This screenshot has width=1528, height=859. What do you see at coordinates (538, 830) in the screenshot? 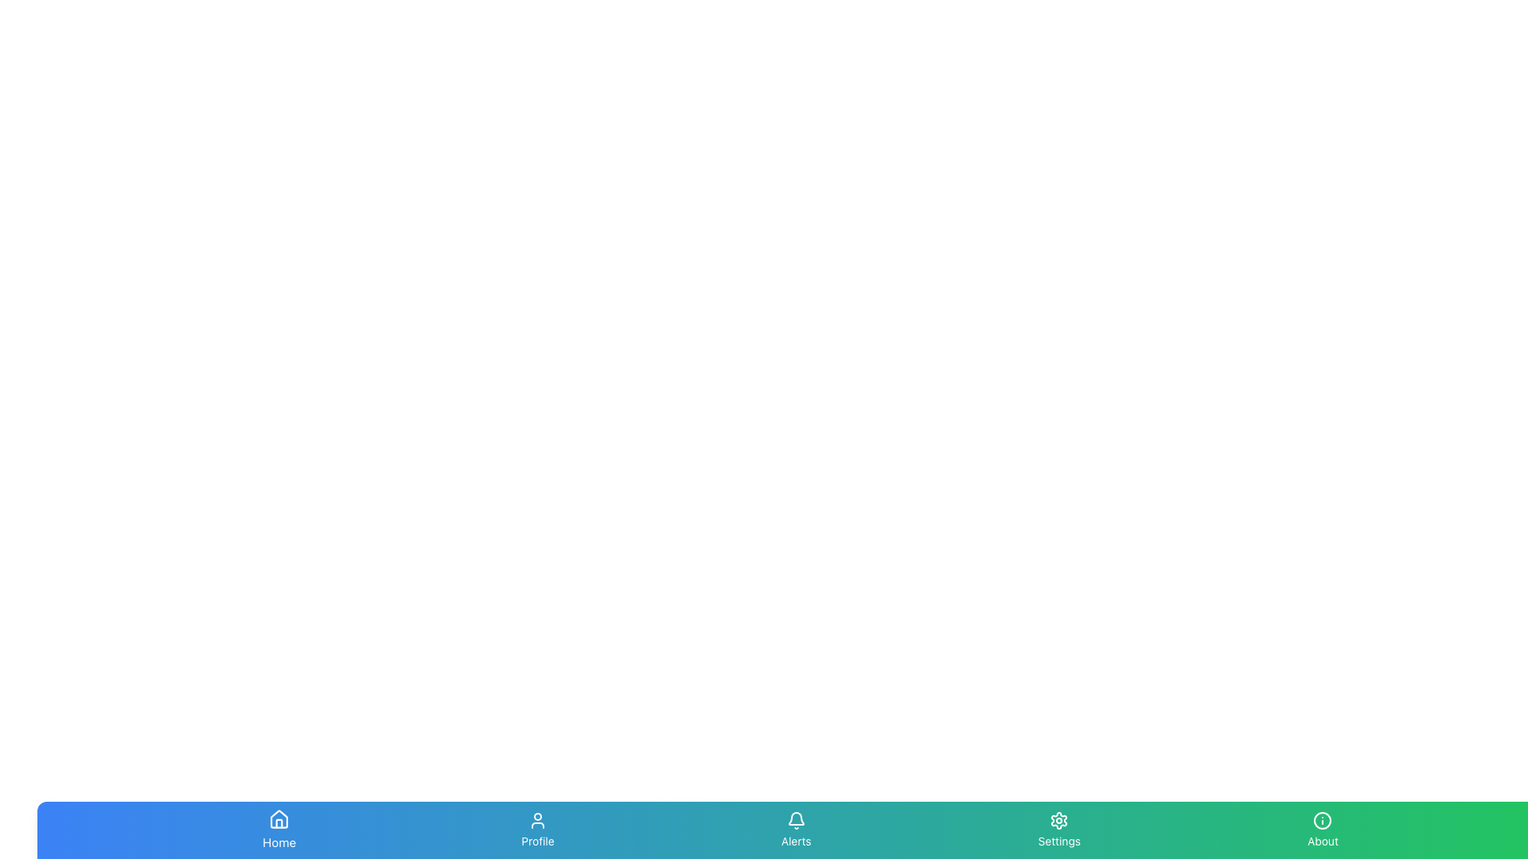
I see `the 'Profile' button located in the navigation bar` at bounding box center [538, 830].